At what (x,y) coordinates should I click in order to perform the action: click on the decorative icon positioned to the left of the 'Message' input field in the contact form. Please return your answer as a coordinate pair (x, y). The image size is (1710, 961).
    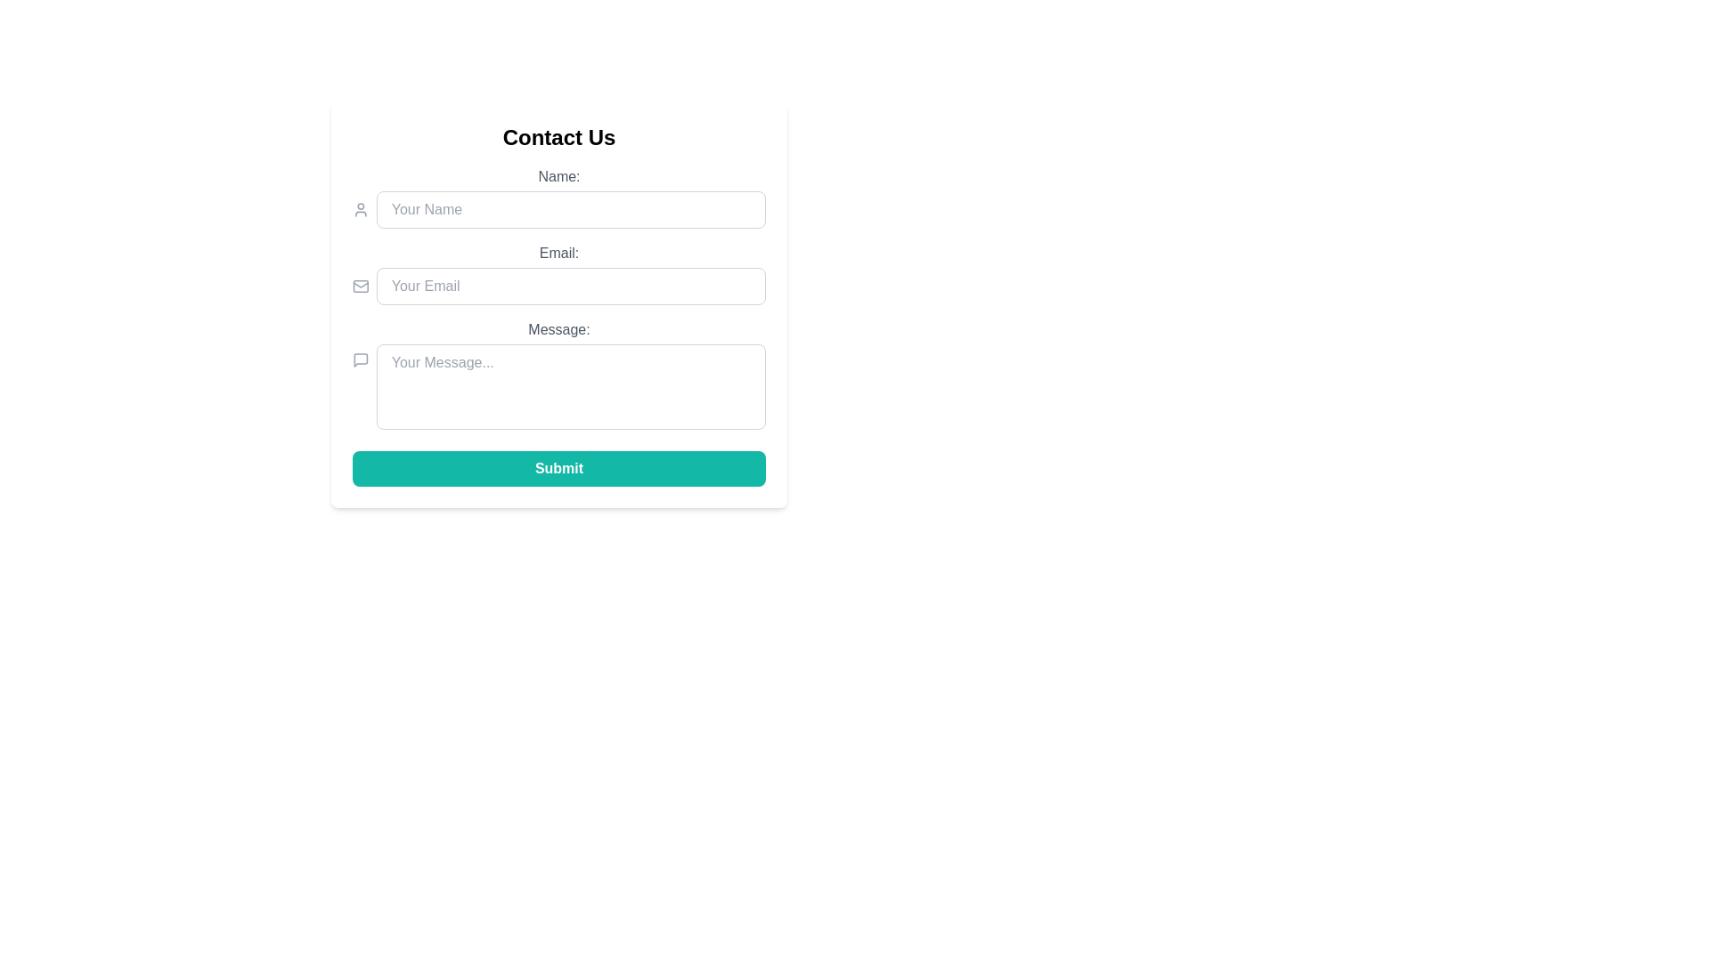
    Looking at the image, I should click on (360, 360).